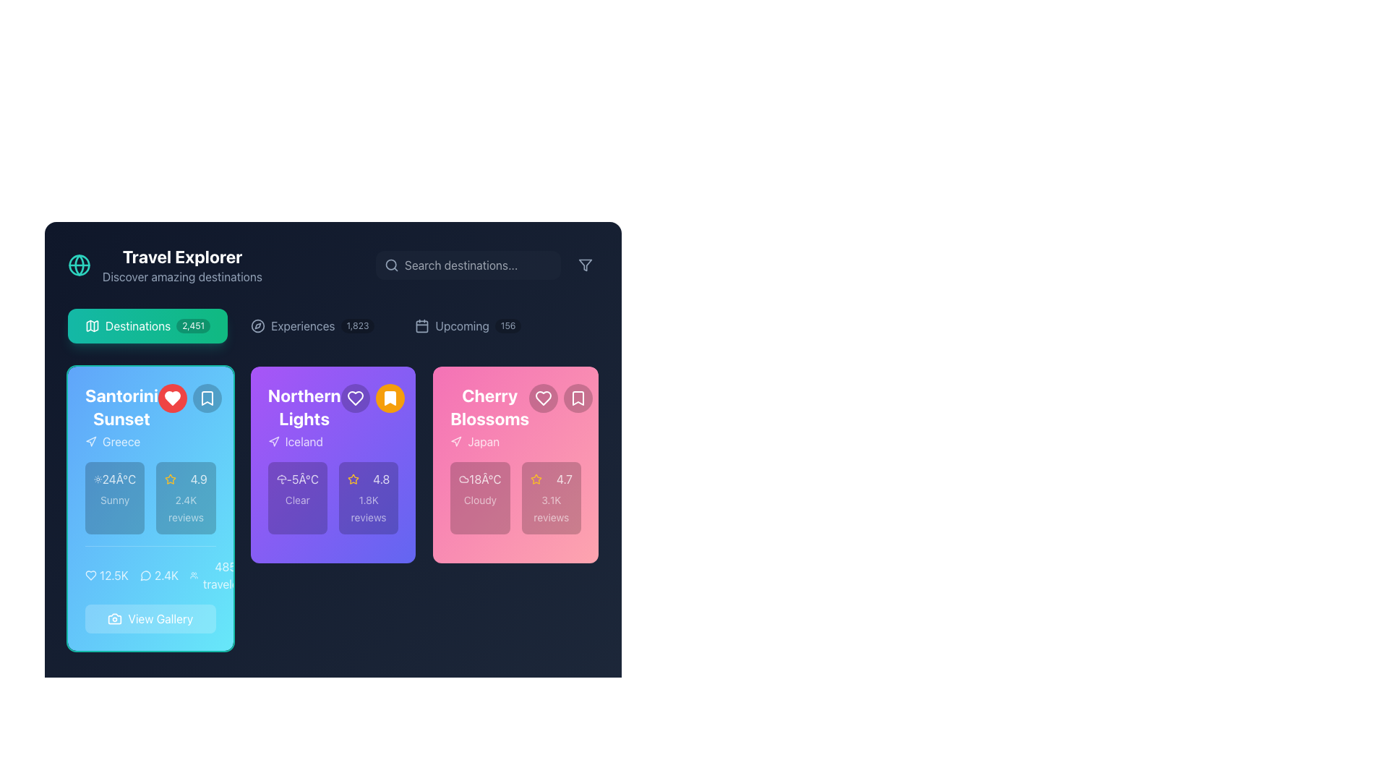 This screenshot has height=781, width=1388. Describe the element at coordinates (392, 265) in the screenshot. I see `the magnifying glass icon that symbolizes the search functionality, located on the left side of the search bar adjacent to the placeholder text 'Search destinations...'` at that location.